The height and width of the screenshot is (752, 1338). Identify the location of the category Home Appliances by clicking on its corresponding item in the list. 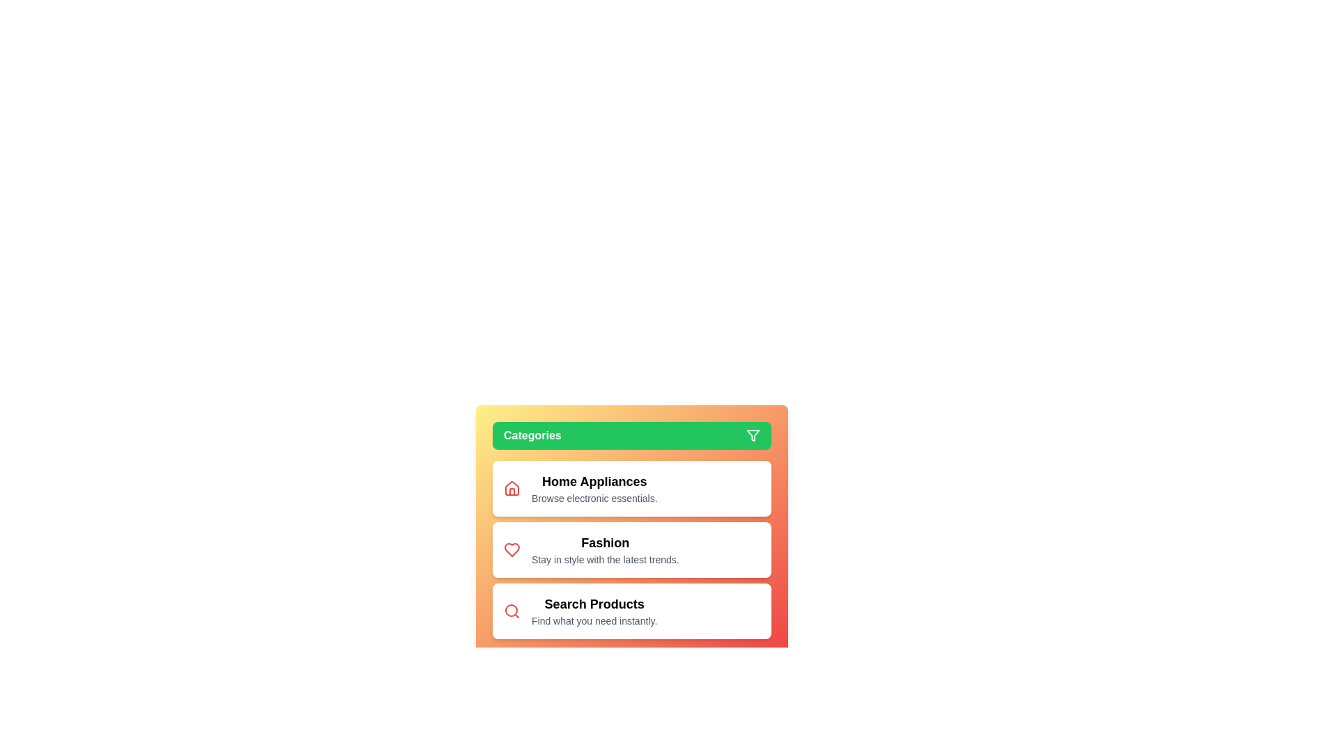
(631, 488).